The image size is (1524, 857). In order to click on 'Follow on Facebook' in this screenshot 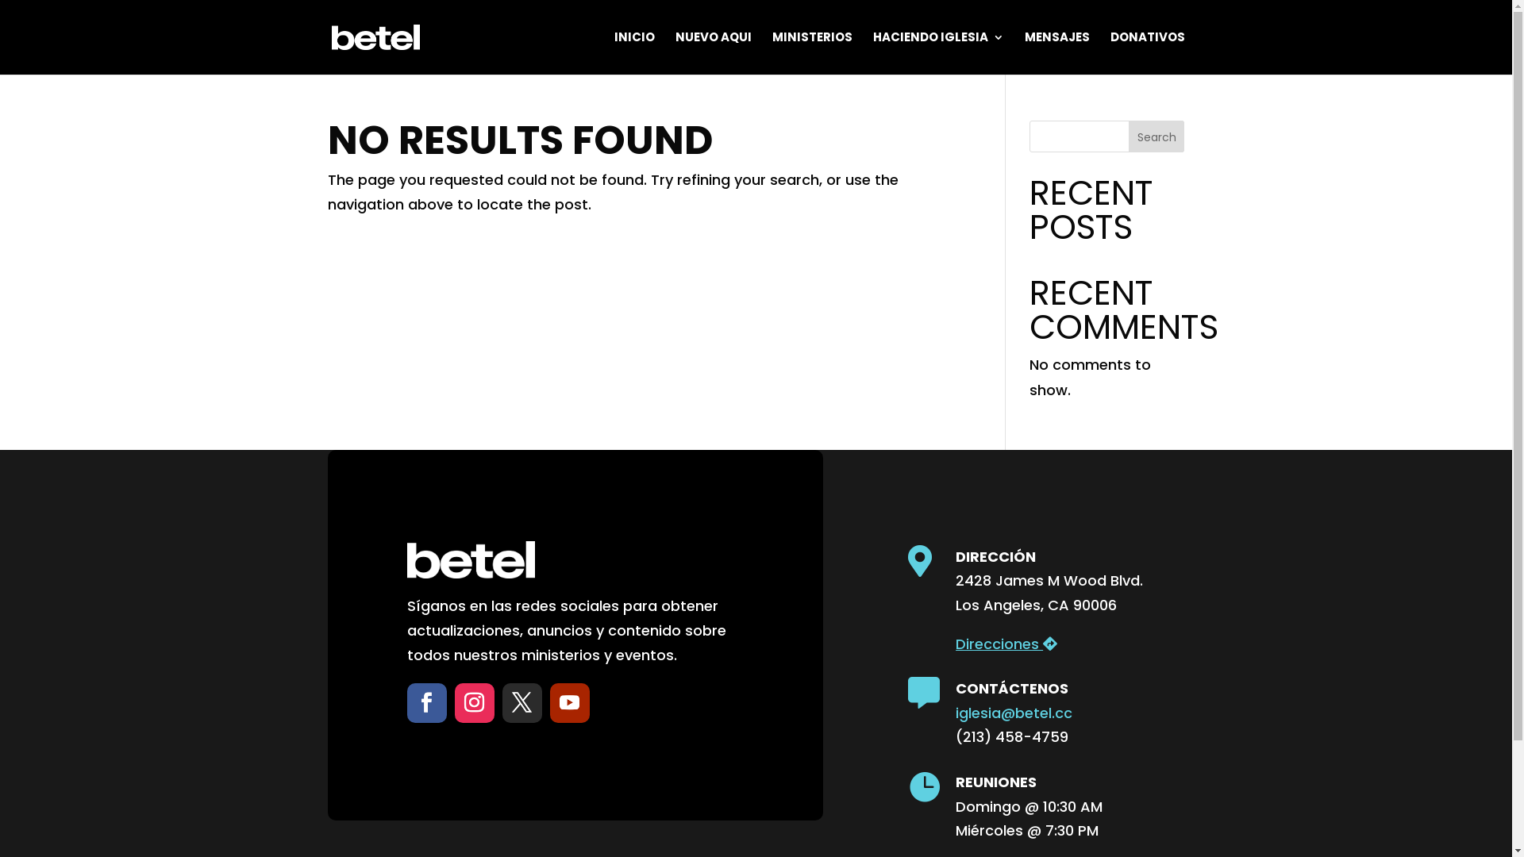, I will do `click(426, 702)`.